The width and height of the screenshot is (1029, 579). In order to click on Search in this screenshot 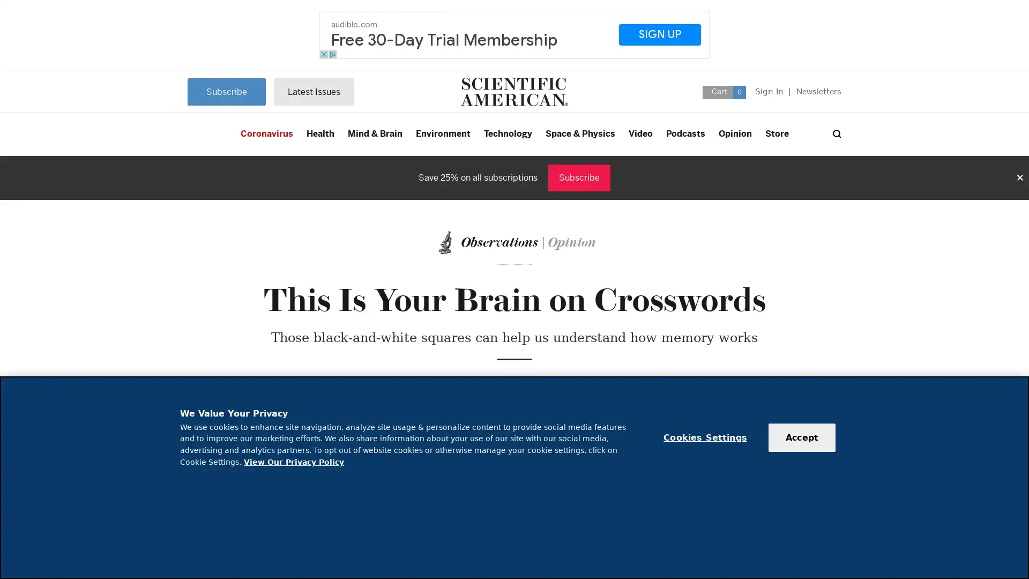, I will do `click(836, 133)`.